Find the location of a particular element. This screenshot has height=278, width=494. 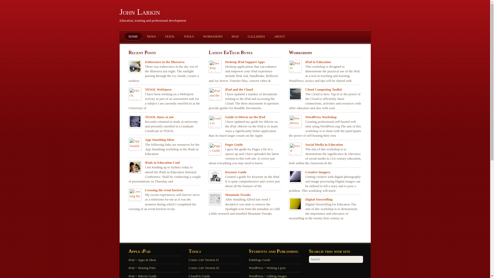

'NEWS' is located at coordinates (143, 36).